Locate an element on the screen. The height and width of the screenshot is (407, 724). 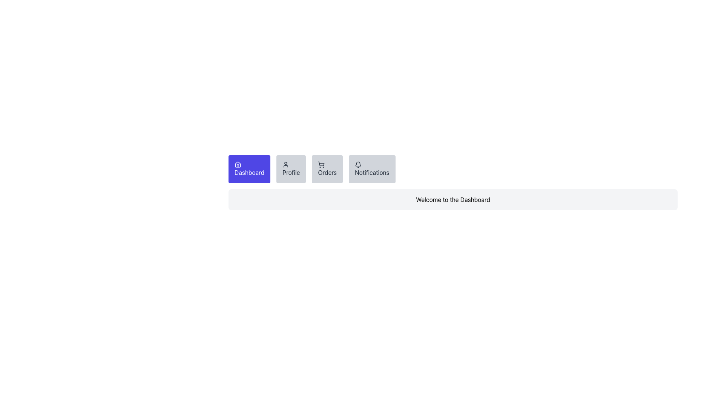
the notification icon located within the 'Notifications' button, which is horizontally aligned with other icons such as 'Dashboard,' 'Profile,' and 'Orders.' is located at coordinates (358, 164).